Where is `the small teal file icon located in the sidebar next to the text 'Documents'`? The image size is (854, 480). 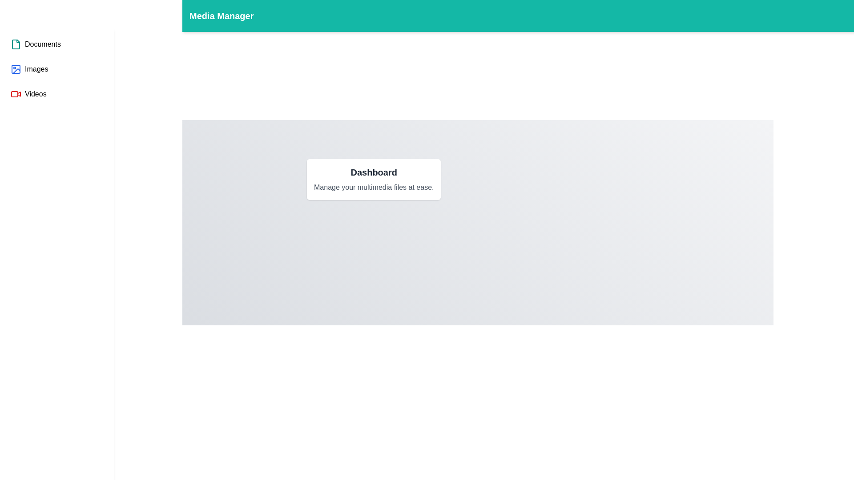
the small teal file icon located in the sidebar next to the text 'Documents' is located at coordinates (16, 44).